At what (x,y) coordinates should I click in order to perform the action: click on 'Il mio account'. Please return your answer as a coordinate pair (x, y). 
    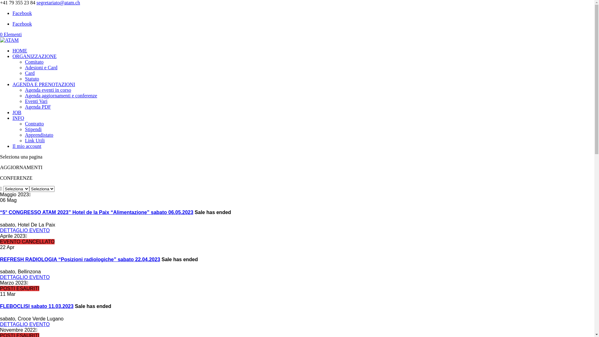
    Looking at the image, I should click on (27, 146).